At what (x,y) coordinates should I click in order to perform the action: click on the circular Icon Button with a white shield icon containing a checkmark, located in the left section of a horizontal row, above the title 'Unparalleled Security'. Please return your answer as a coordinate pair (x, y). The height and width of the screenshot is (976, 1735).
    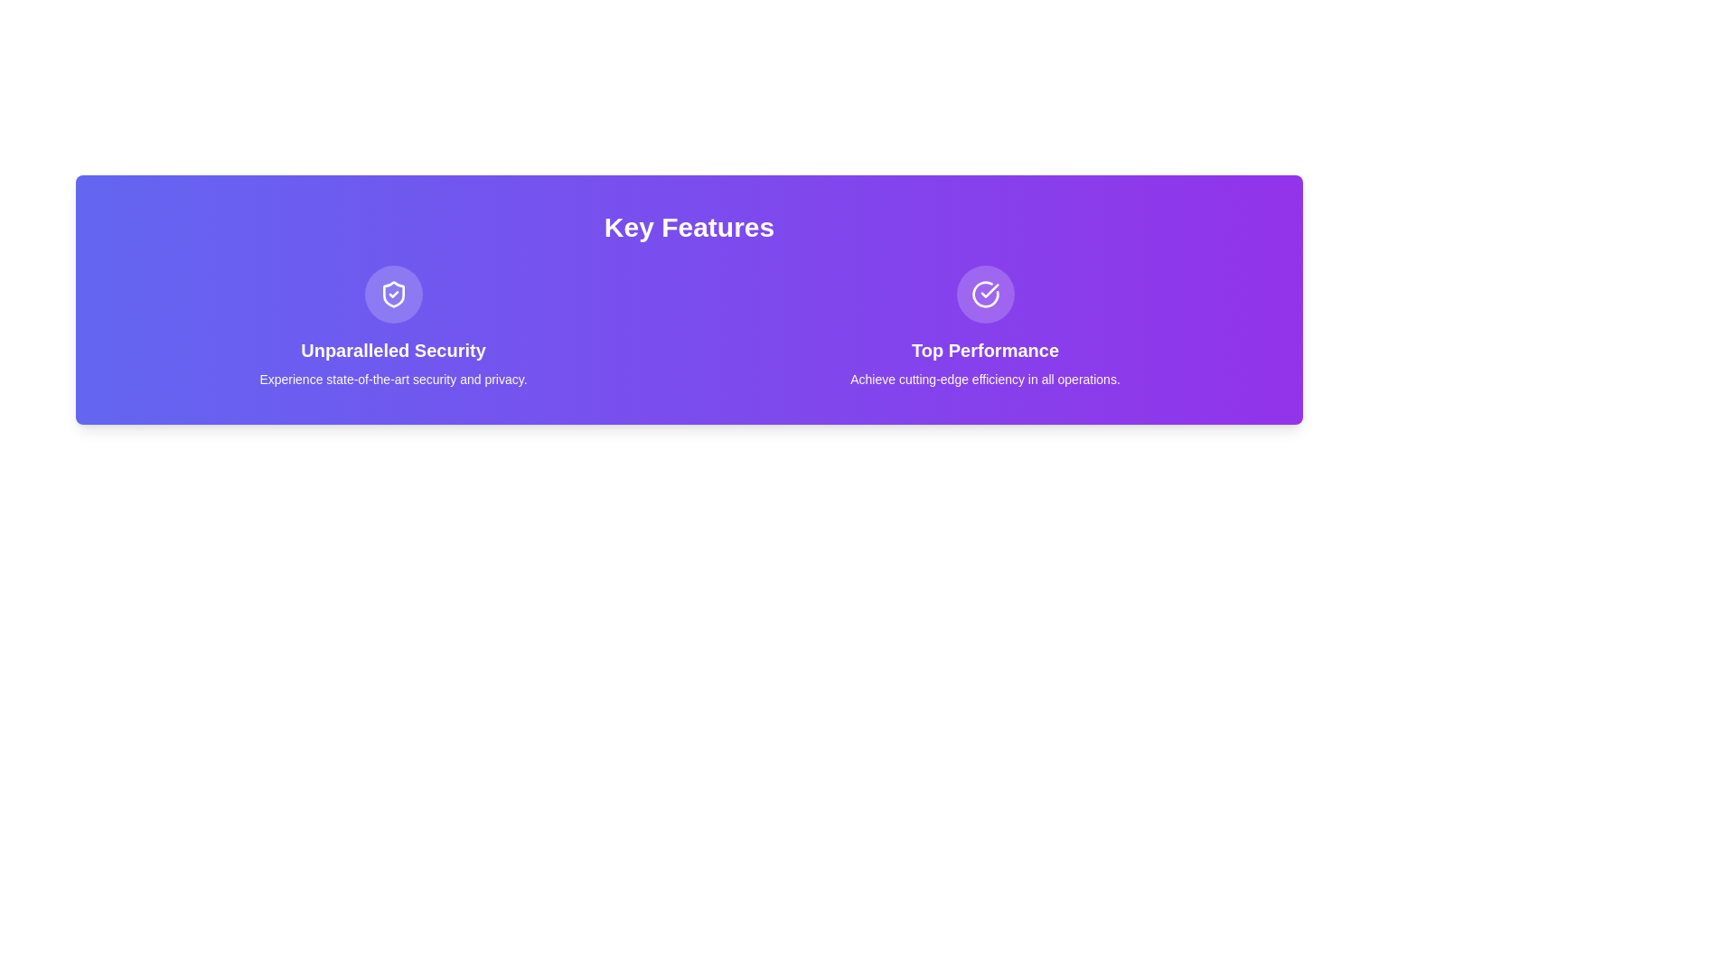
    Looking at the image, I should click on (392, 294).